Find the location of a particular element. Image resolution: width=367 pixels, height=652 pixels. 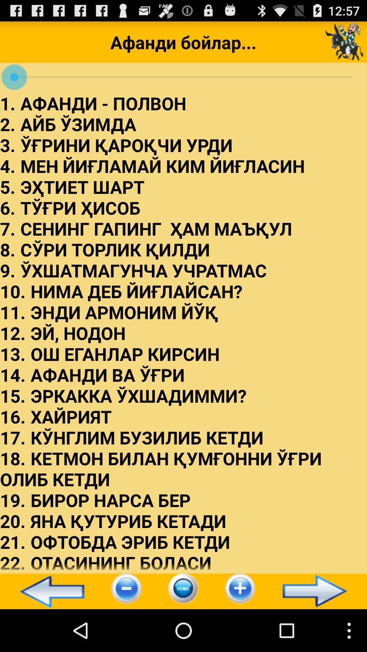

the arrow_backward icon is located at coordinates (49, 632).